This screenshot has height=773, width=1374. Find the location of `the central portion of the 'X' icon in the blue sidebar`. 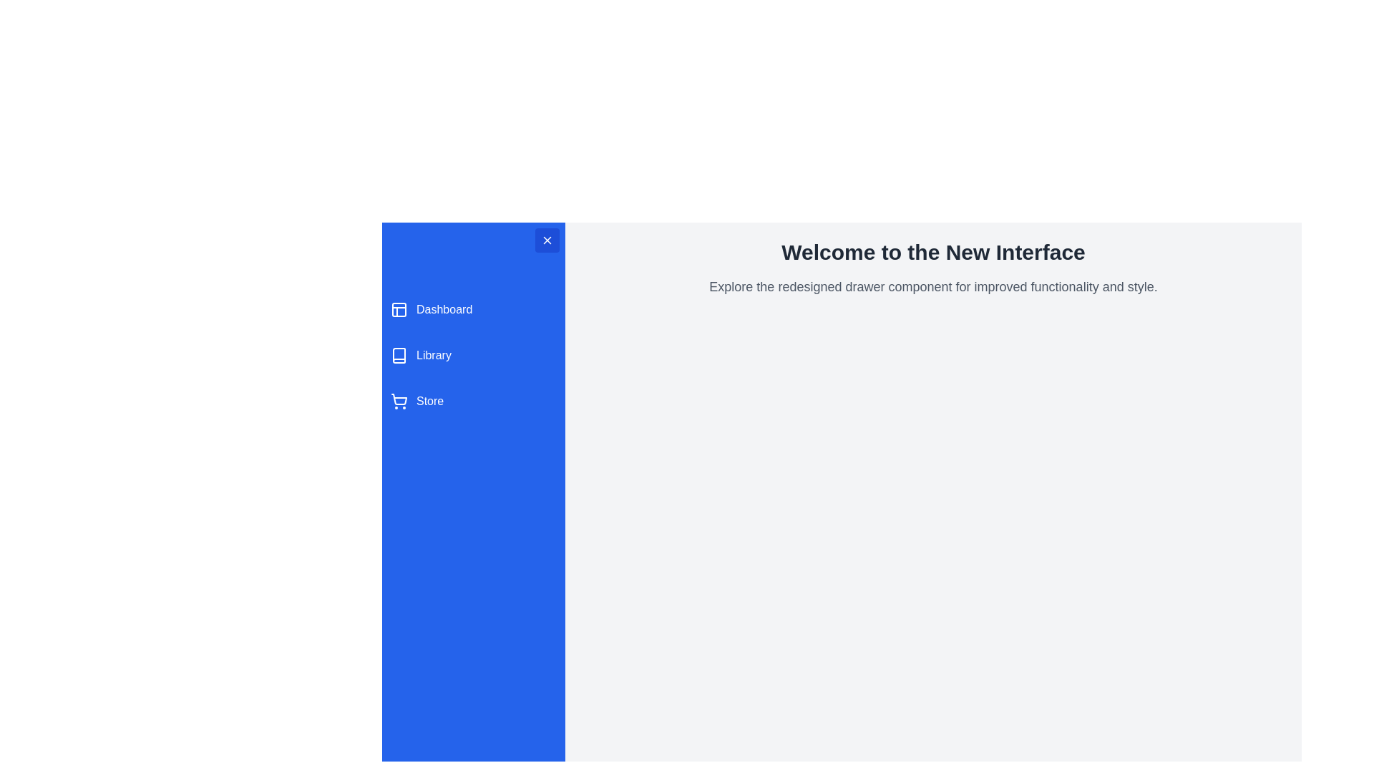

the central portion of the 'X' icon in the blue sidebar is located at coordinates (546, 239).